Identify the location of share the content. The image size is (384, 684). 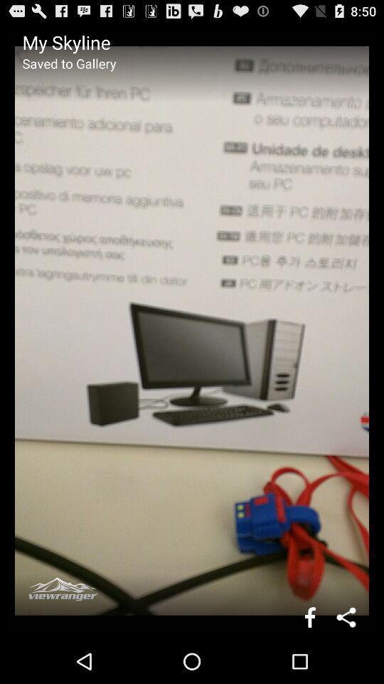
(346, 616).